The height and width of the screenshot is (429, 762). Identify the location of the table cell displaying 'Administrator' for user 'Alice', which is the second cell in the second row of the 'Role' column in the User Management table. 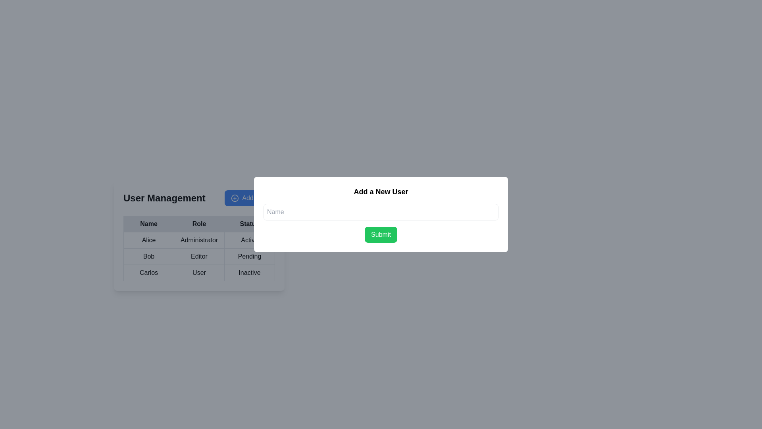
(199, 235).